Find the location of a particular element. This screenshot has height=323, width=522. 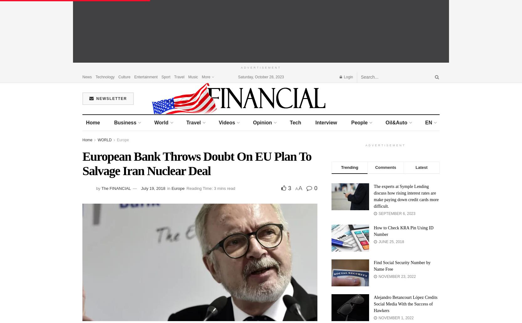

'Alejandro Betancourt López Credits Social Media With the Success of Hawkers' is located at coordinates (405, 303).